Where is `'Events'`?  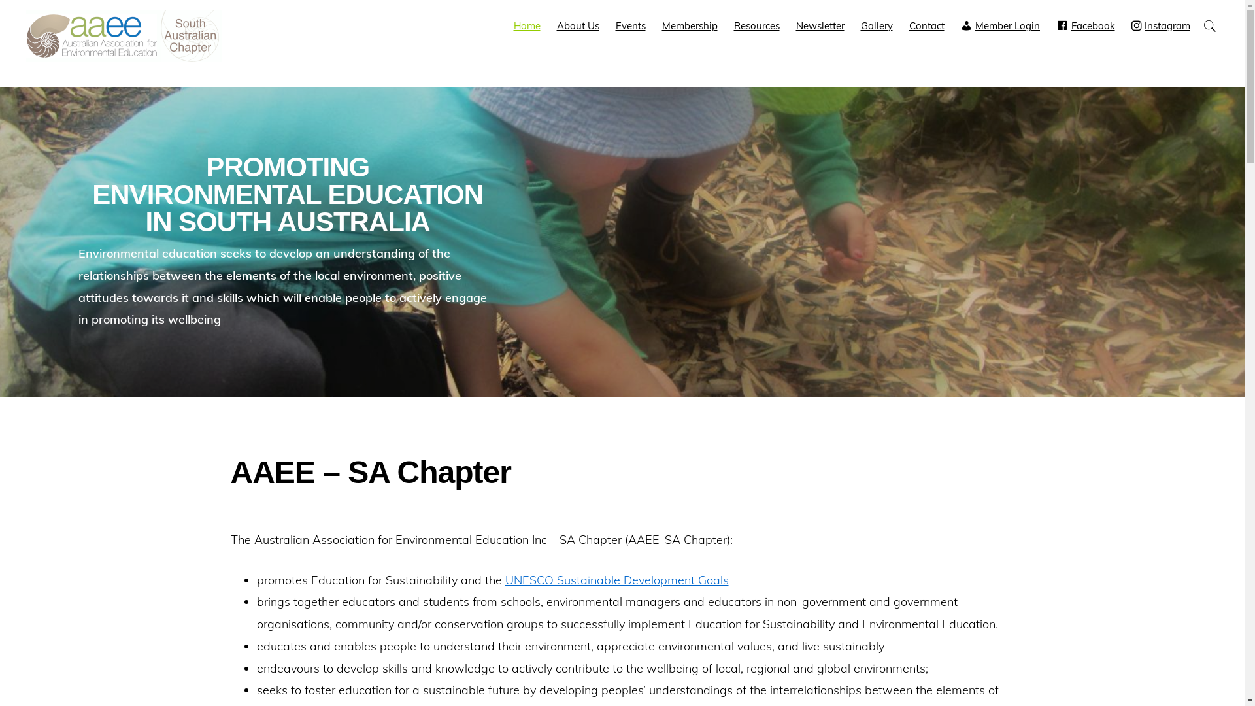 'Events' is located at coordinates (630, 25).